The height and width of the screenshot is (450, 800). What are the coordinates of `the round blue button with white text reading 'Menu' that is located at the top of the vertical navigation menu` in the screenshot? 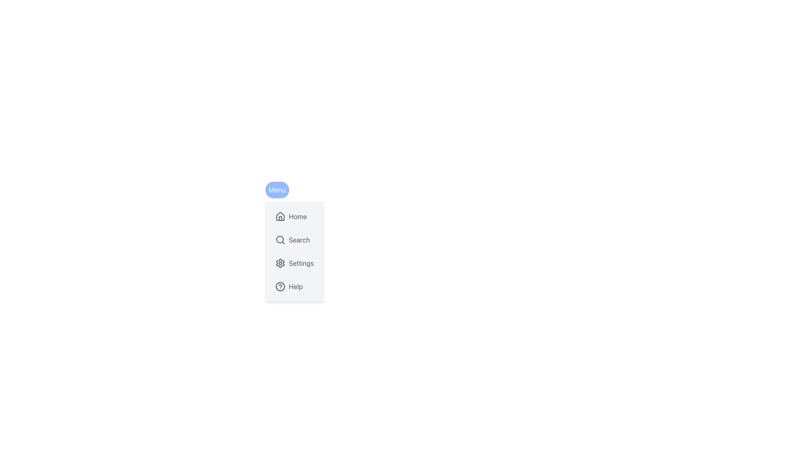 It's located at (277, 190).